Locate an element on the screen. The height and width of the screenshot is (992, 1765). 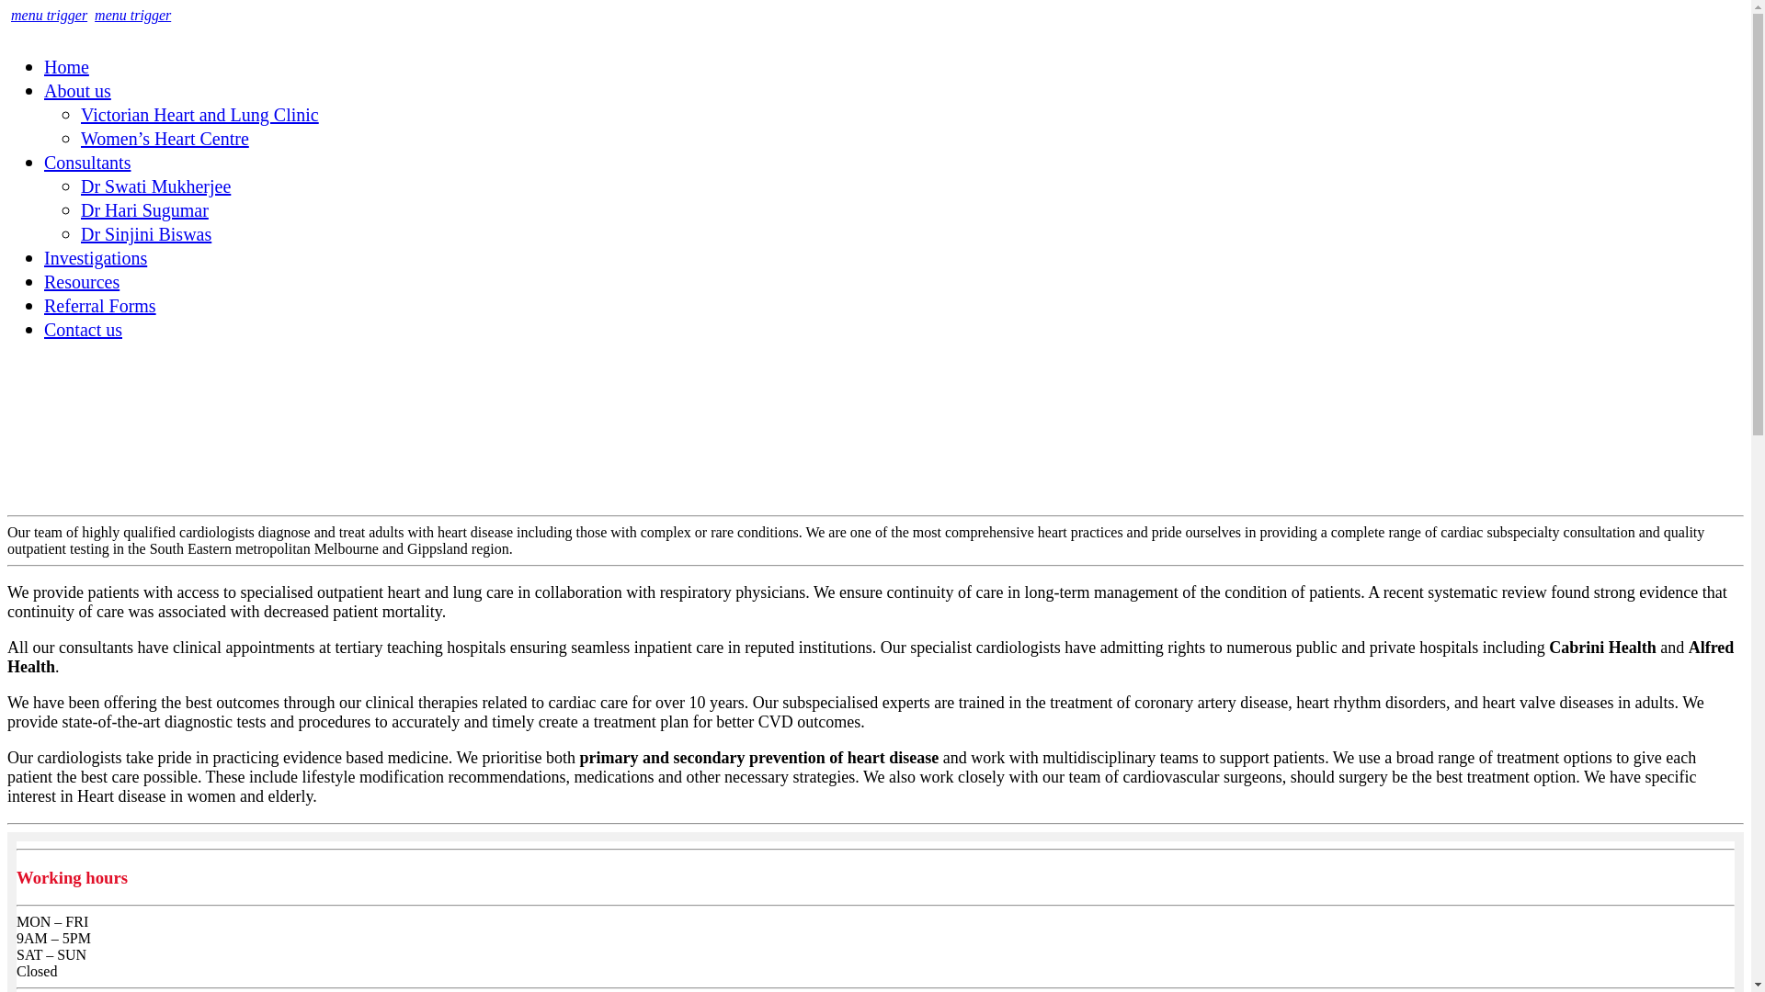
'Dr Hari Sugumar' is located at coordinates (143, 209).